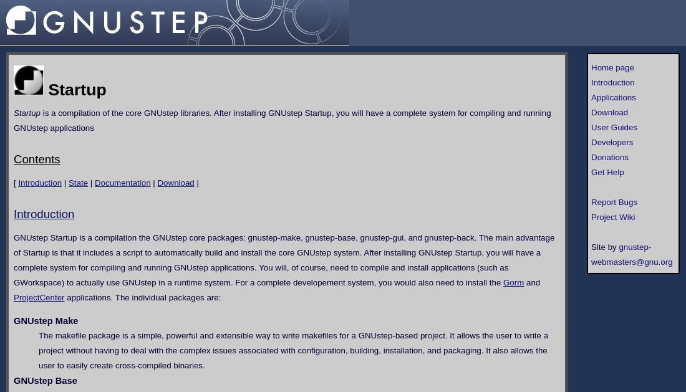  Describe the element at coordinates (604, 246) in the screenshot. I see `'Site by'` at that location.